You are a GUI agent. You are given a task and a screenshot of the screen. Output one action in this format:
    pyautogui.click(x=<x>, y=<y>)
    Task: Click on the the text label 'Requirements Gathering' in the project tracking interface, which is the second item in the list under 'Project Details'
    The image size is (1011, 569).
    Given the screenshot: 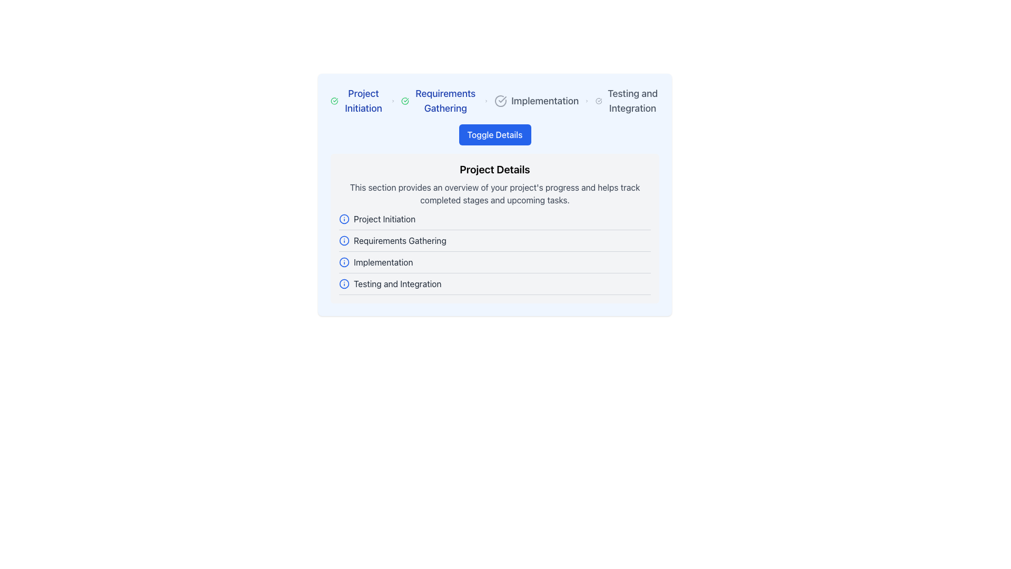 What is the action you would take?
    pyautogui.click(x=399, y=240)
    